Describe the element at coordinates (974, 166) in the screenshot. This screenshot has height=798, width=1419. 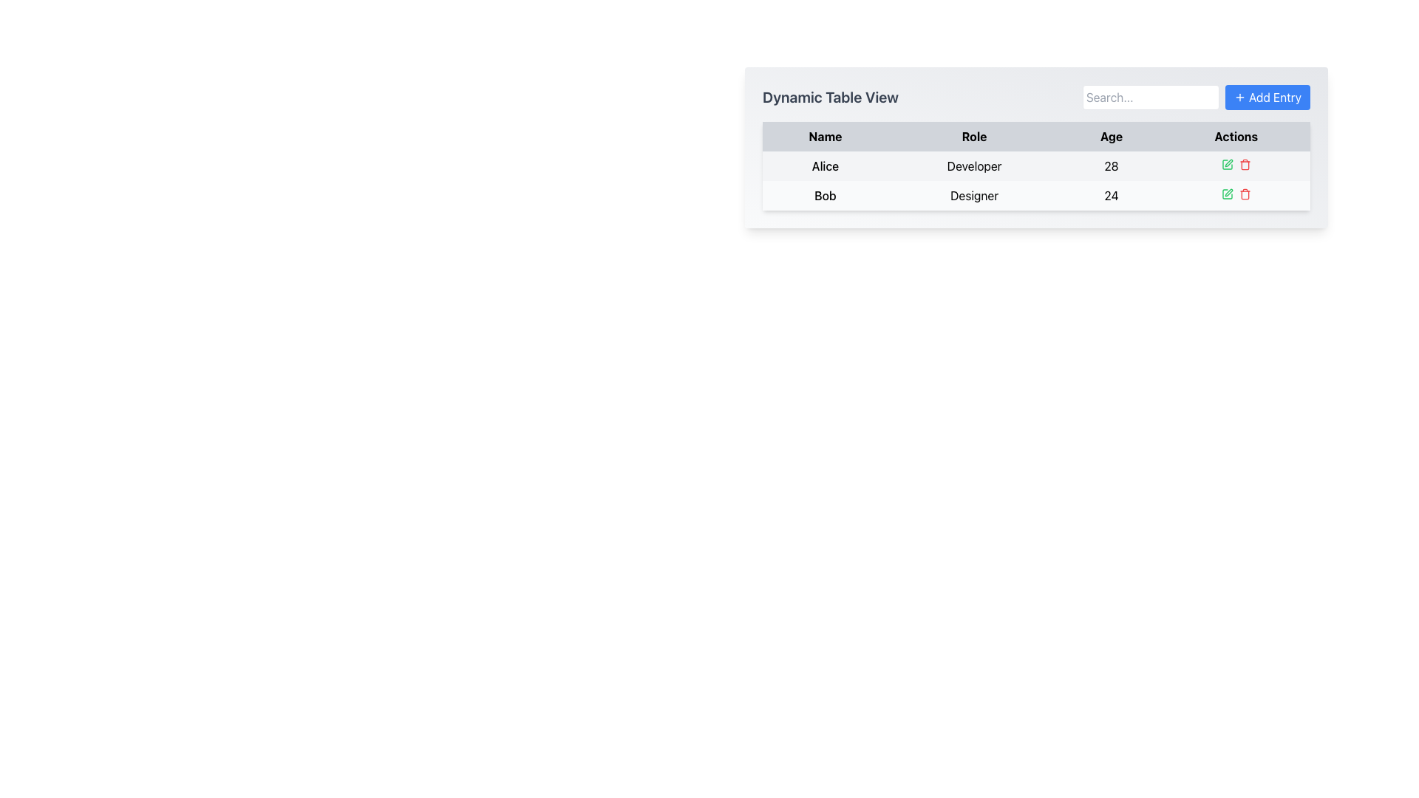
I see `the 'Developer' text label located in the second column of the first row in the table under the 'Role' column` at that location.